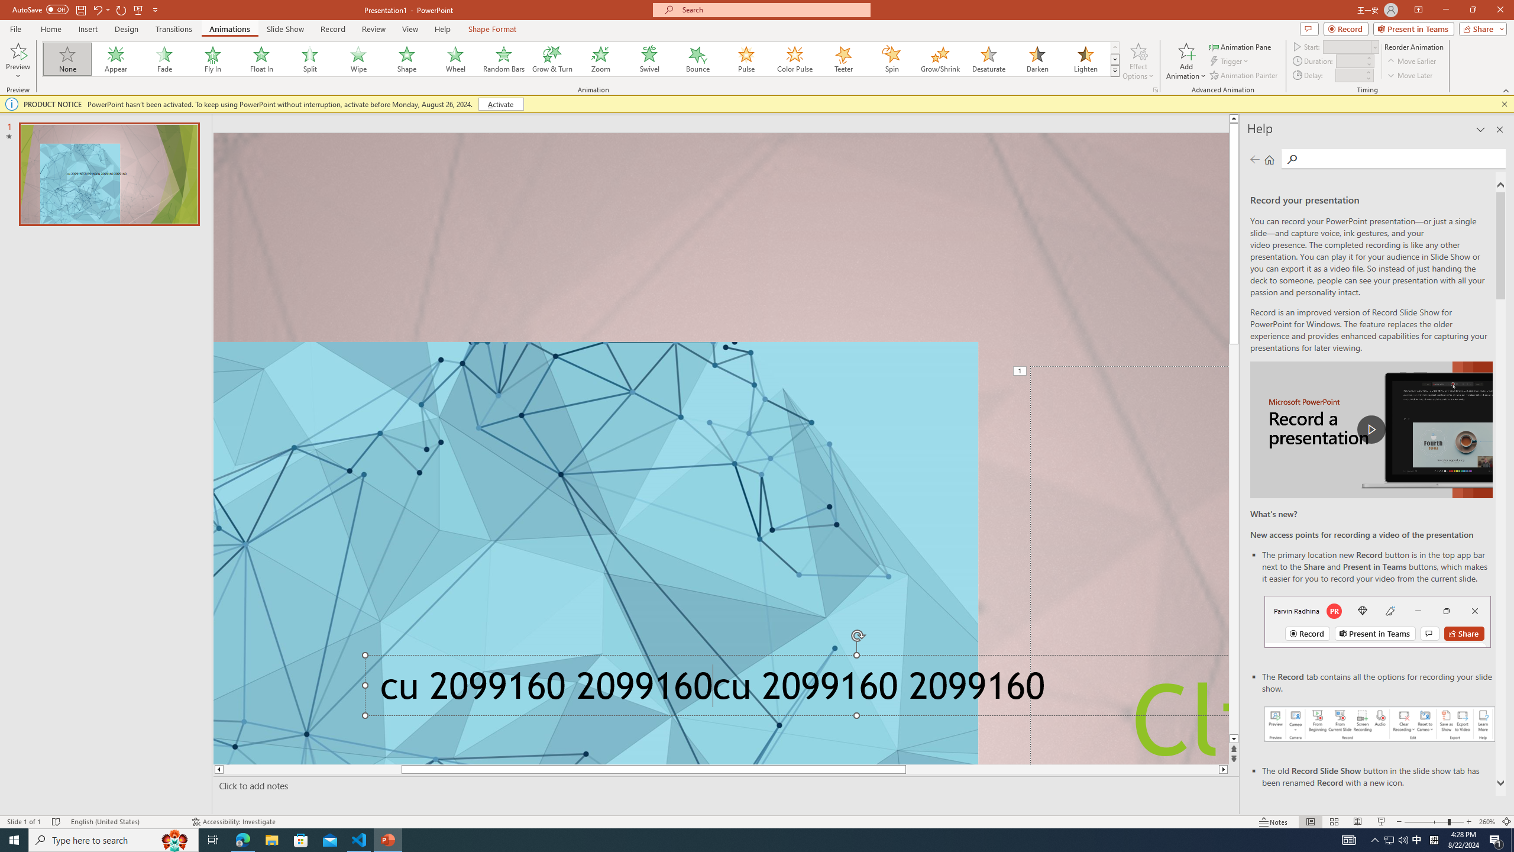  I want to click on 'Bounce', so click(697, 59).